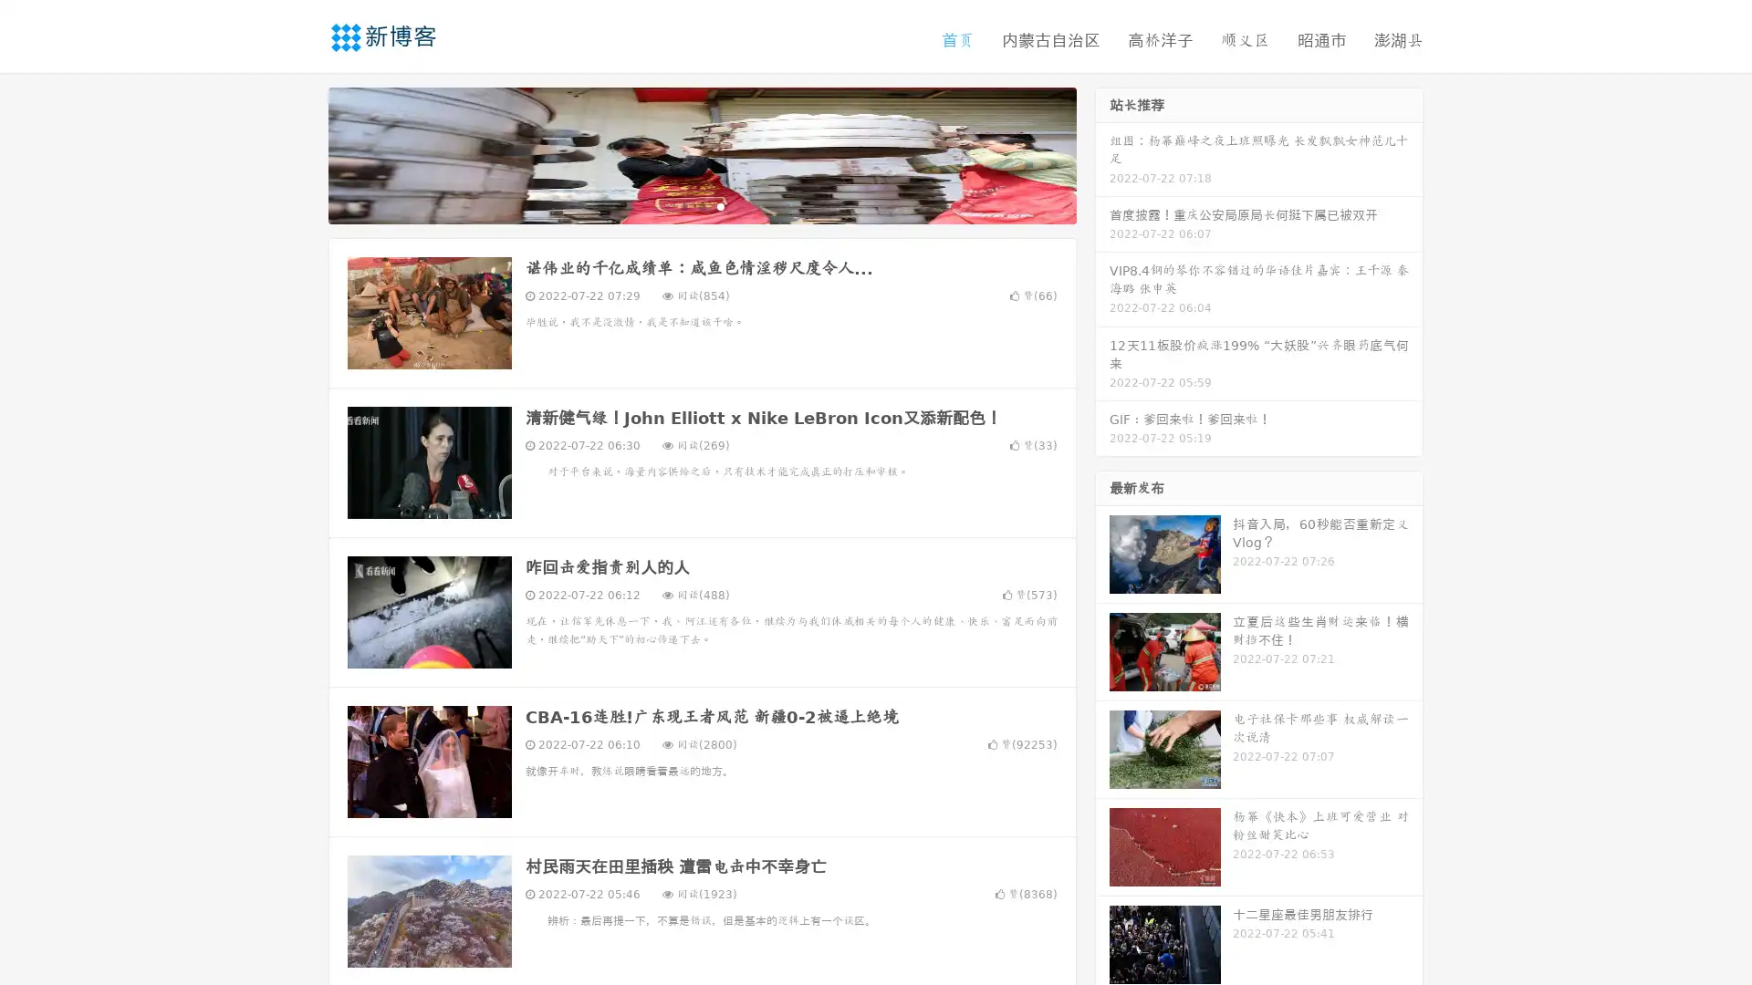  I want to click on Go to slide 3, so click(720, 205).